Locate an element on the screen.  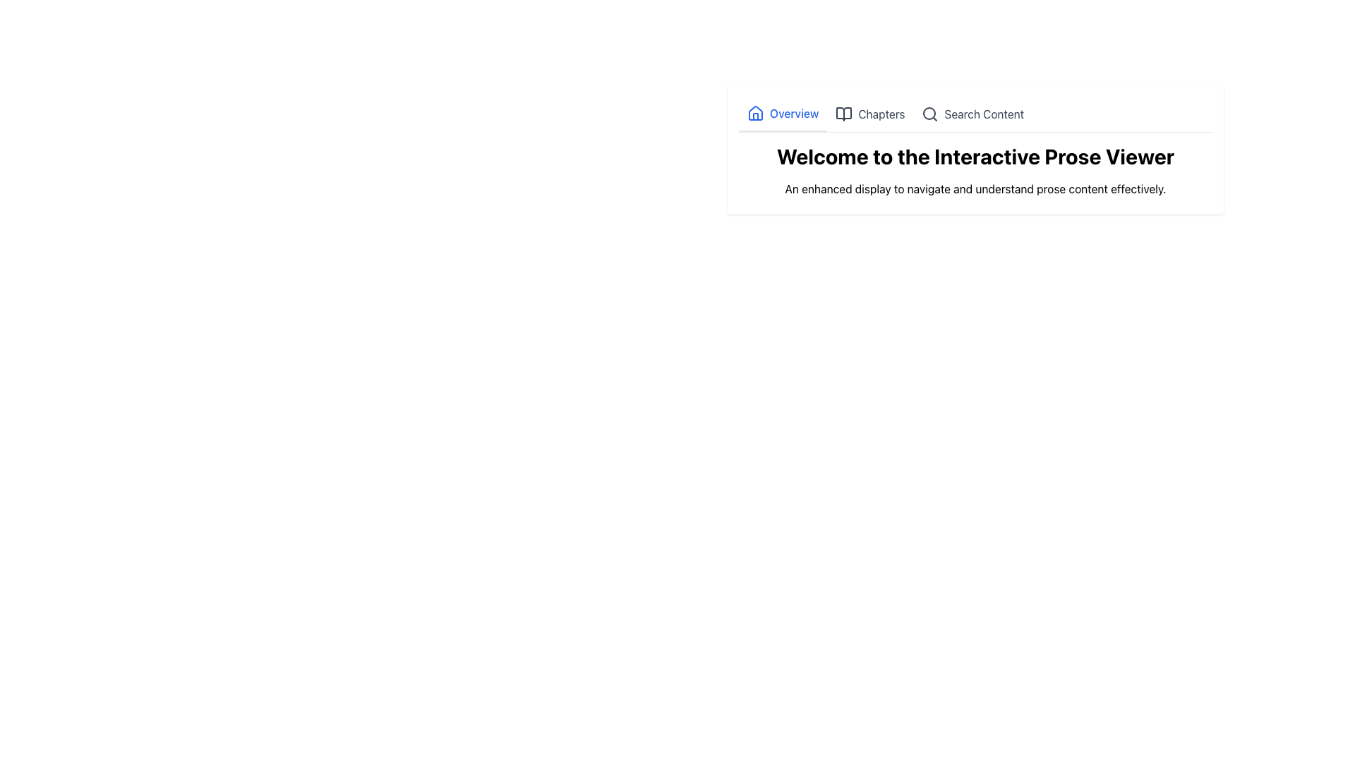
the Text label in the upper-center region of the interface, which indicates a section related to chapters and is positioned after an open book icon is located at coordinates (881, 114).